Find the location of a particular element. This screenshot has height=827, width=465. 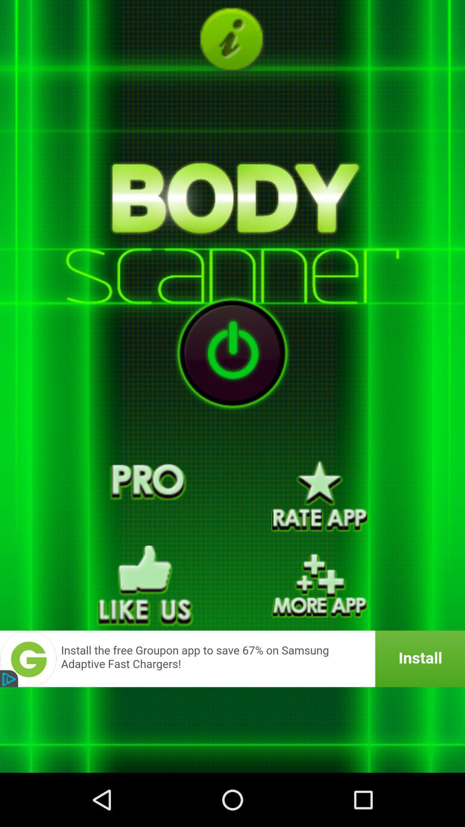

buy pro version of app is located at coordinates (145, 496).